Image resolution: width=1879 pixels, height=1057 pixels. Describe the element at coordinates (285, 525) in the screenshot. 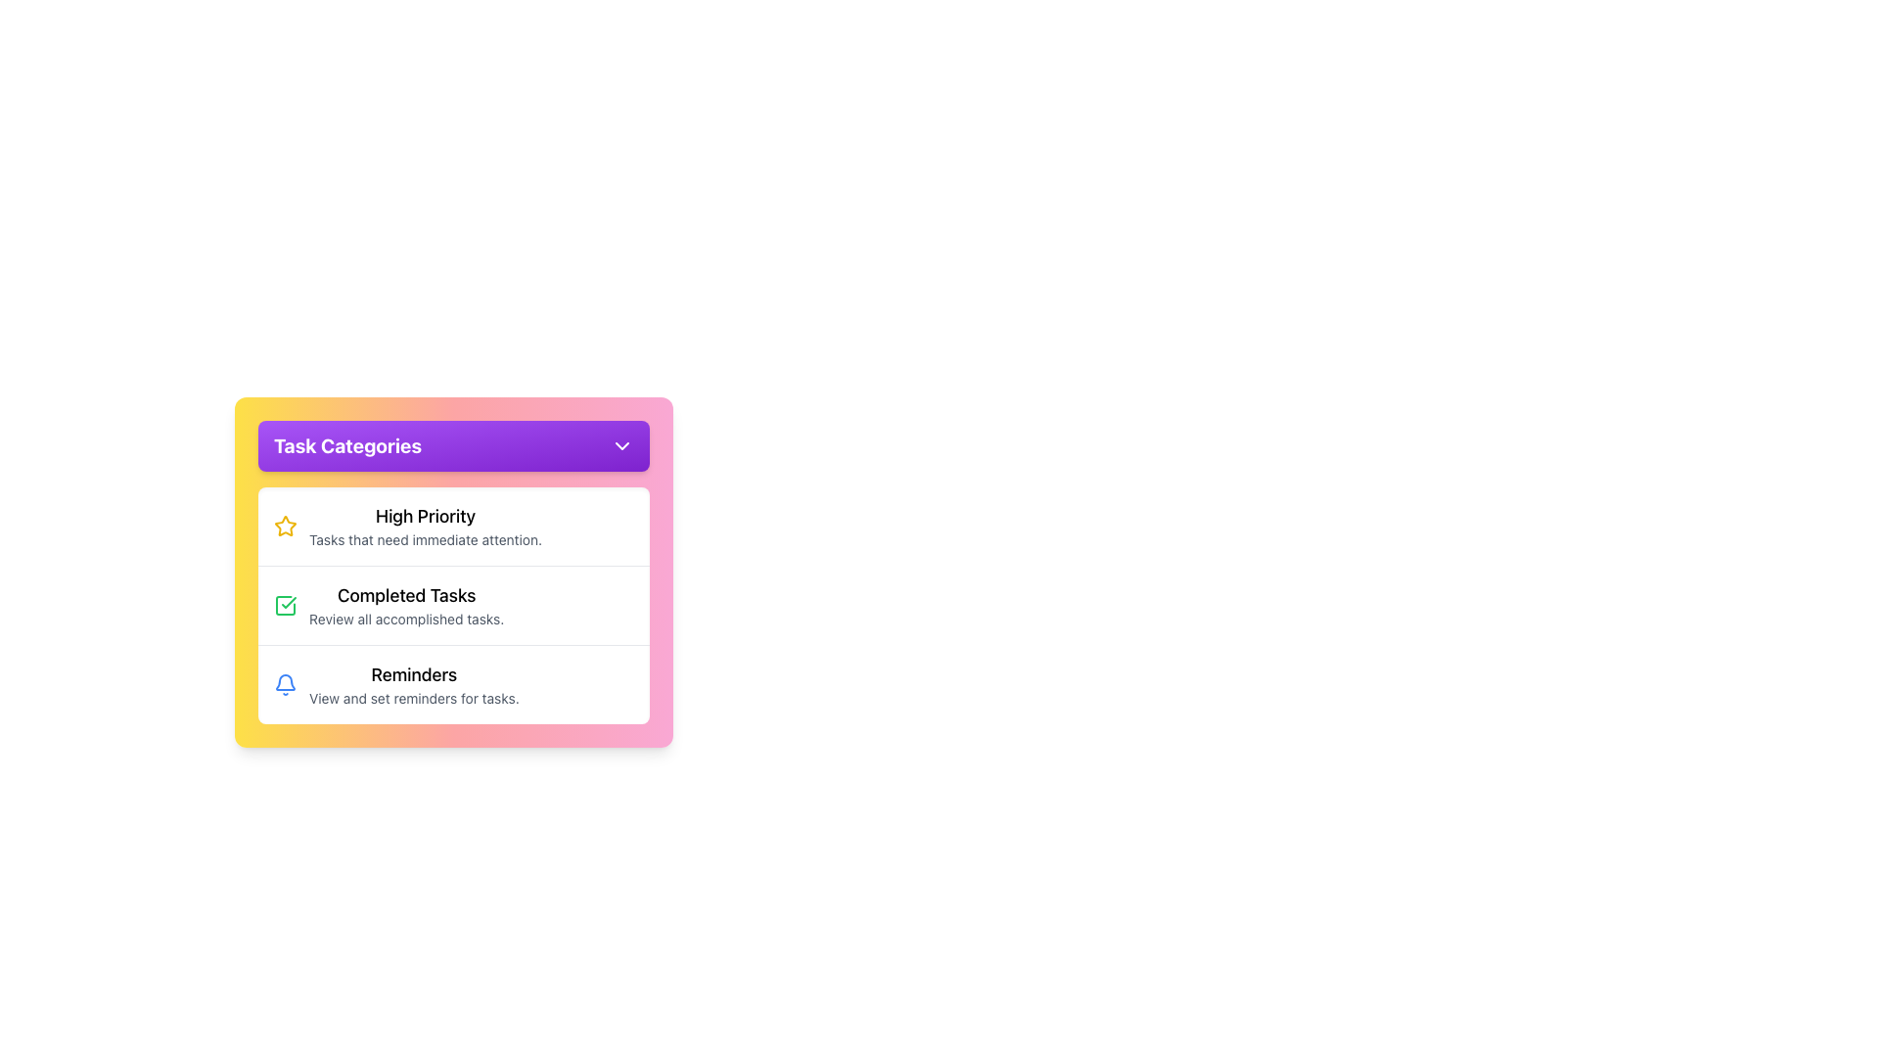

I see `the star-shaped icon with a yellow outline located in the 'Task Categories' section, aligned with 'High Priority' tasks` at that location.